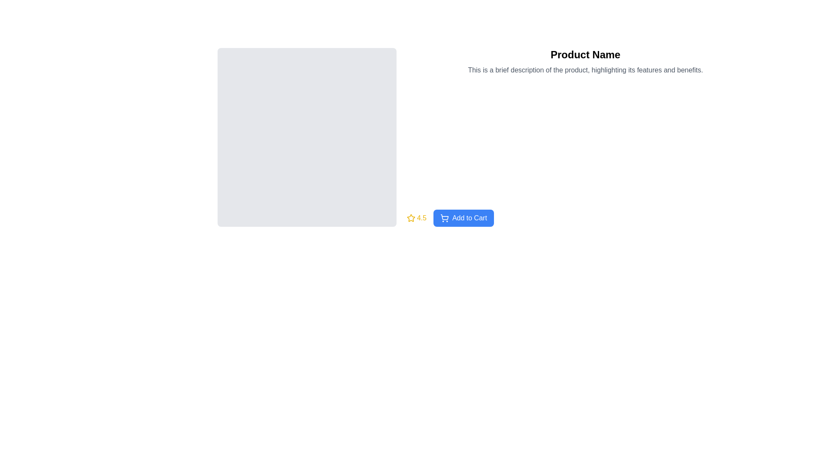 This screenshot has width=824, height=463. What do you see at coordinates (444, 217) in the screenshot?
I see `the shopping cart icon located on the left side of the 'Add` at bounding box center [444, 217].